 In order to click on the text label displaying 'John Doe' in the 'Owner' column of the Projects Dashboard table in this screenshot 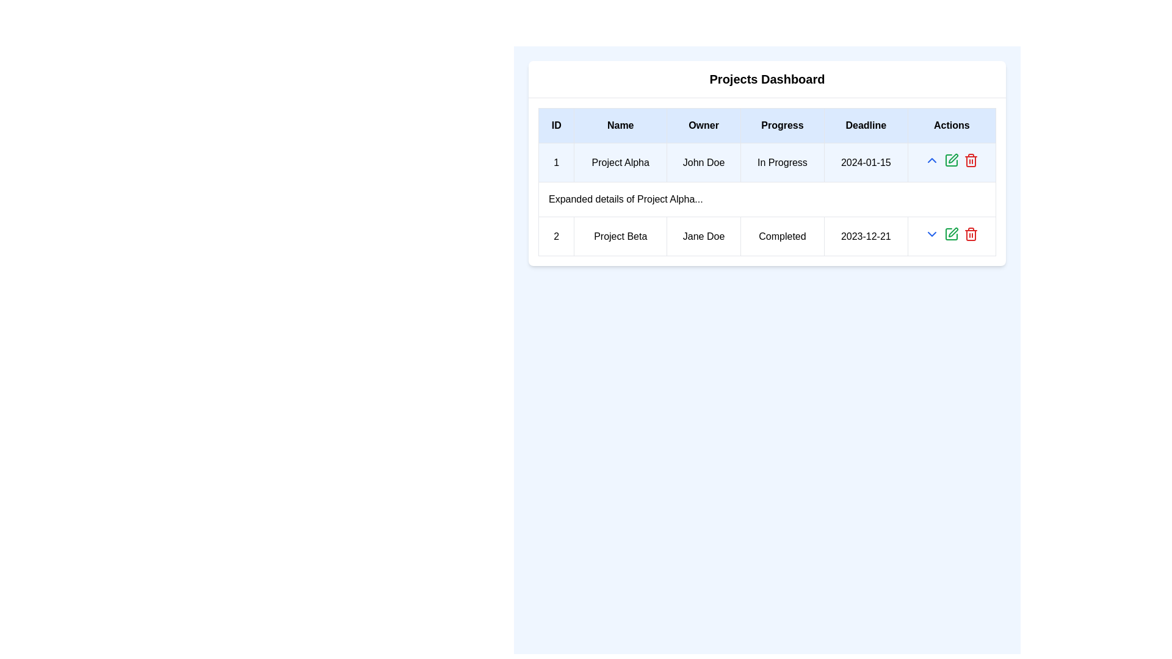, I will do `click(704, 162)`.